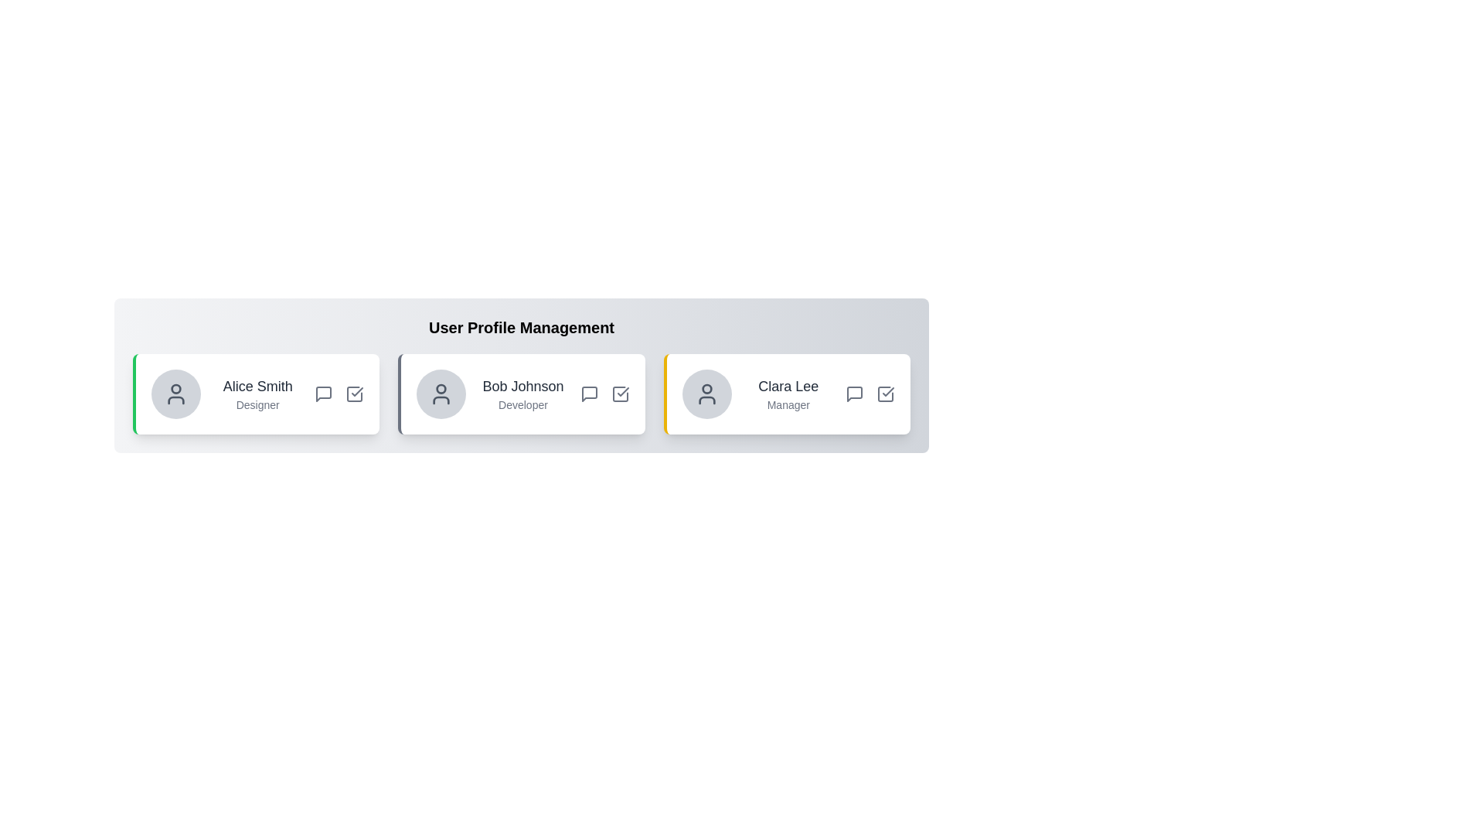 The image size is (1484, 835). What do you see at coordinates (441, 393) in the screenshot?
I see `the user profile icon located in the middle profile card above the name 'Bob Johnson' and title 'Developer'` at bounding box center [441, 393].